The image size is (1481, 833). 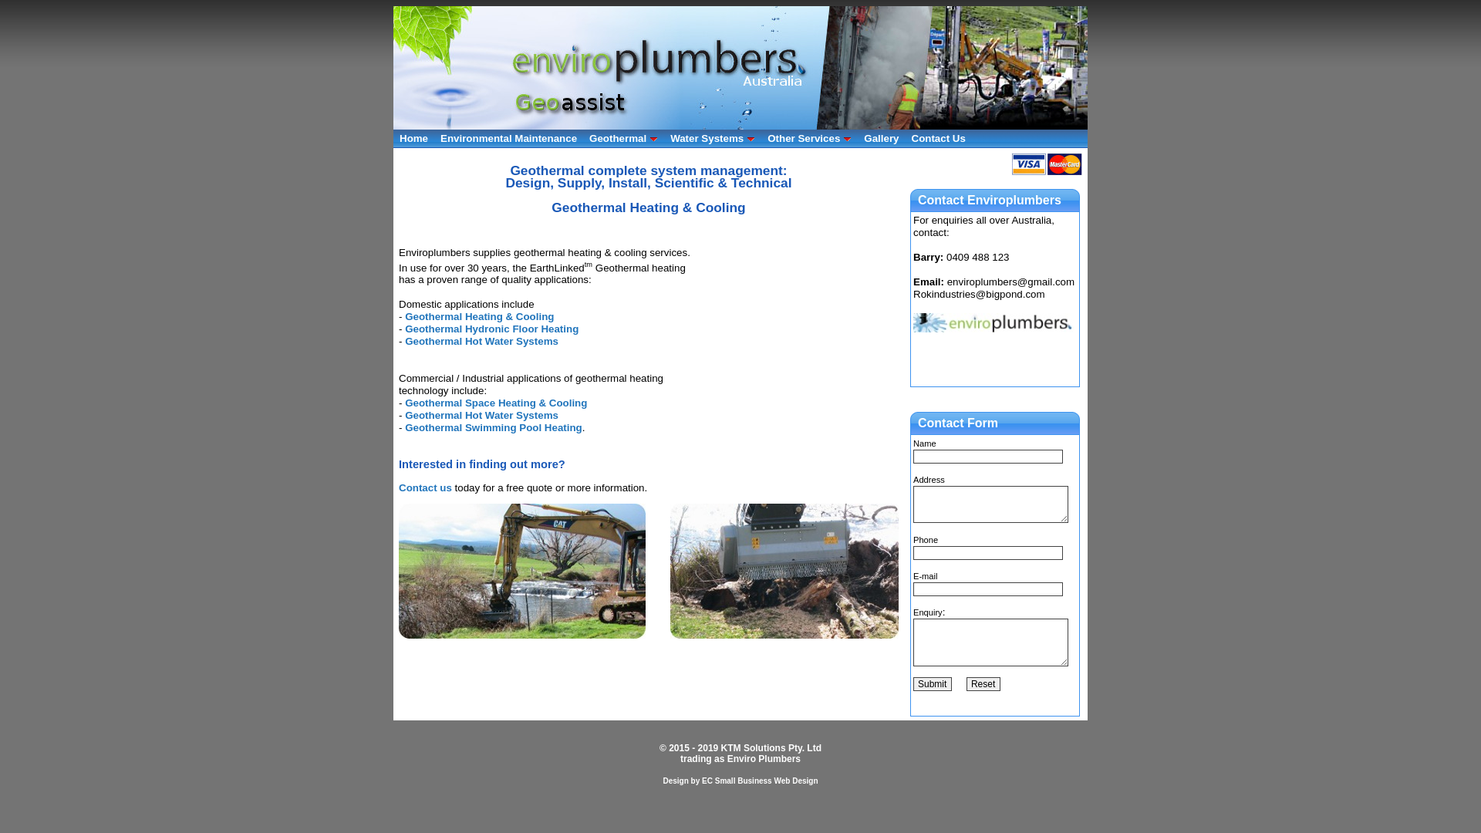 I want to click on 'Gallery', so click(x=881, y=137).